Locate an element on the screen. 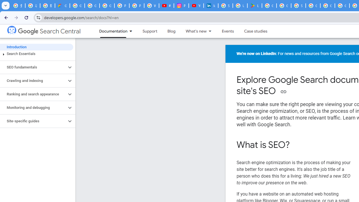 The width and height of the screenshot is (359, 202). 'Sign in - Google Accounts' is located at coordinates (225, 6).